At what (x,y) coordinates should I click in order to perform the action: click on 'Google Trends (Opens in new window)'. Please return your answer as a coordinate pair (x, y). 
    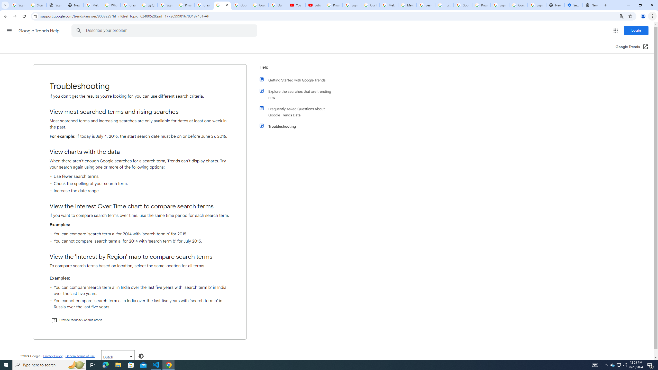
    Looking at the image, I should click on (632, 47).